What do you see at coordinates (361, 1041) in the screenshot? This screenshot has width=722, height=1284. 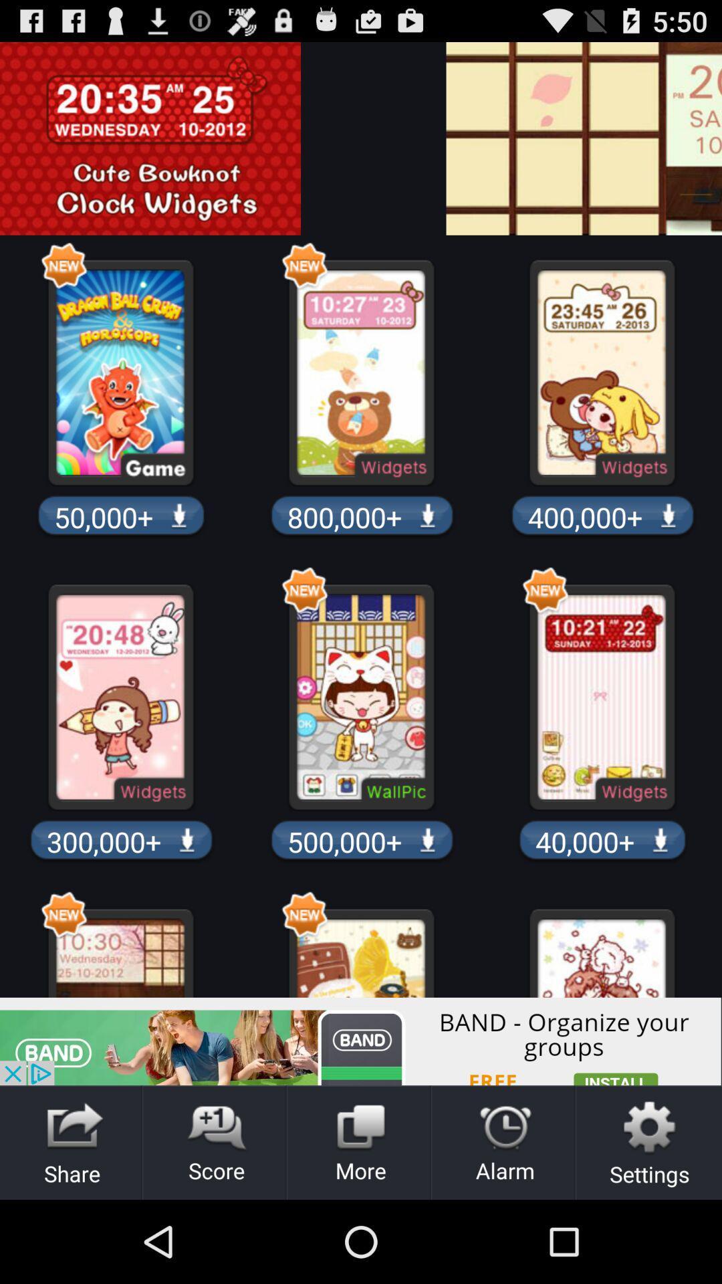 I see `open advertisement` at bounding box center [361, 1041].